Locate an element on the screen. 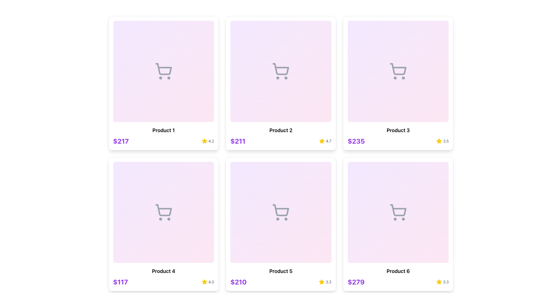  the price label displaying '$279' in bold purple font, located at the bottom-left of the 'Product 6' card in the rightmost position of a 3x2 grid layout is located at coordinates (356, 282).